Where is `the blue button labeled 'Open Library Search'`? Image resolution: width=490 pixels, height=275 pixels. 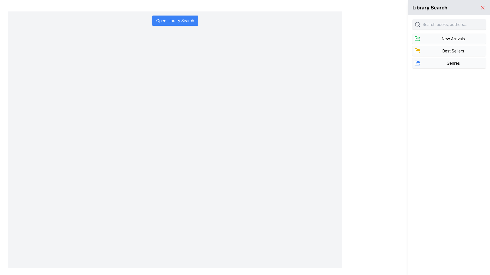
the blue button labeled 'Open Library Search' is located at coordinates (175, 20).